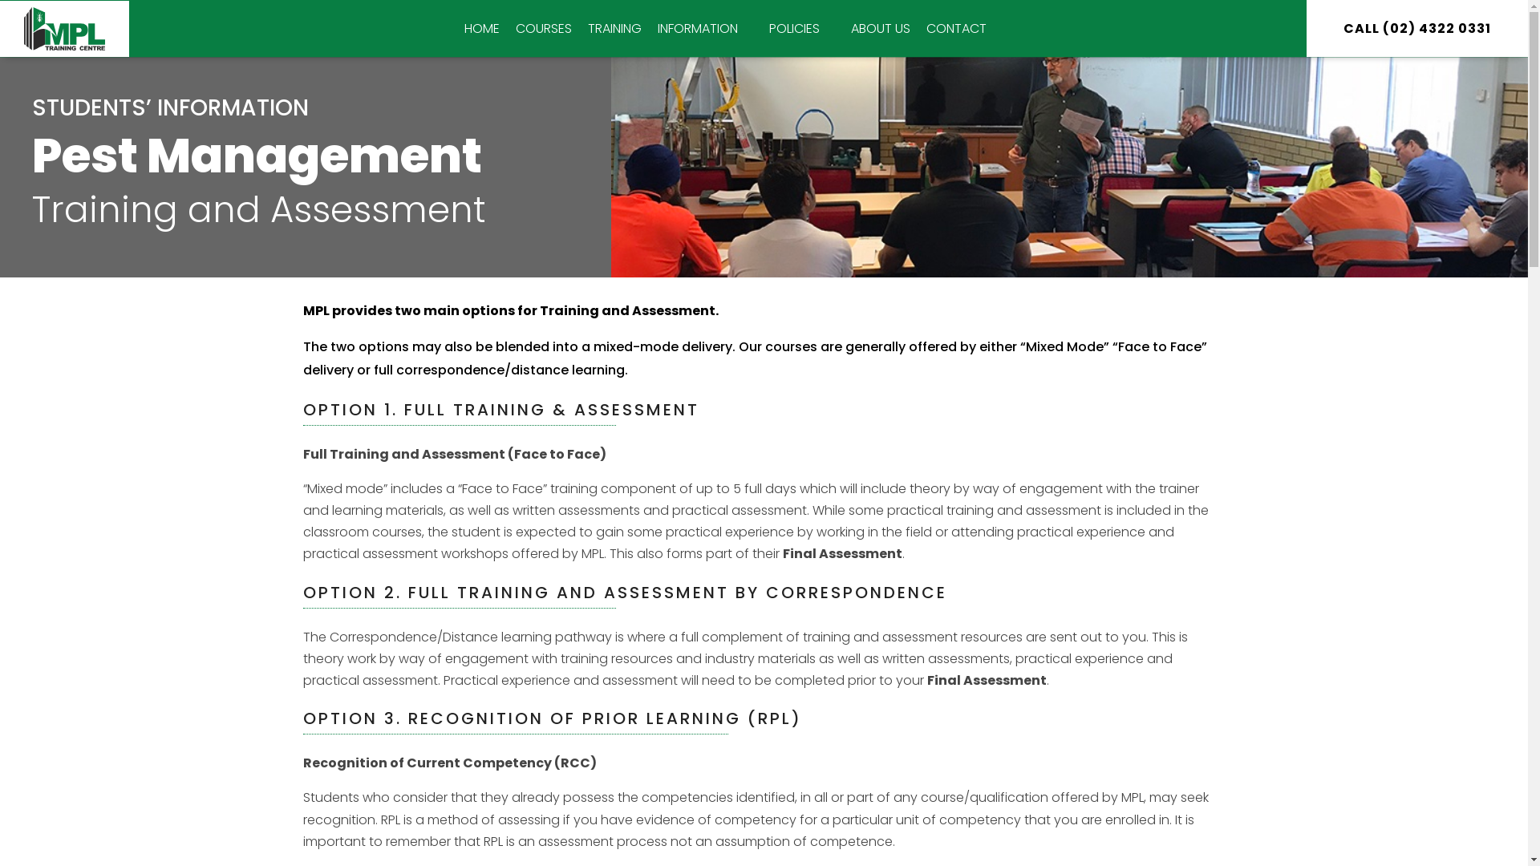 The width and height of the screenshot is (1540, 866). I want to click on 'CALL (02) 4322 0331', so click(1416, 28).